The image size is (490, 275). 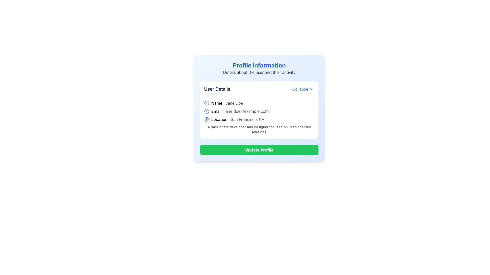 What do you see at coordinates (234, 103) in the screenshot?
I see `static text display showing the user's name 'Jane Doe' located to the right of the 'Name:' label in the 'User Details' section` at bounding box center [234, 103].